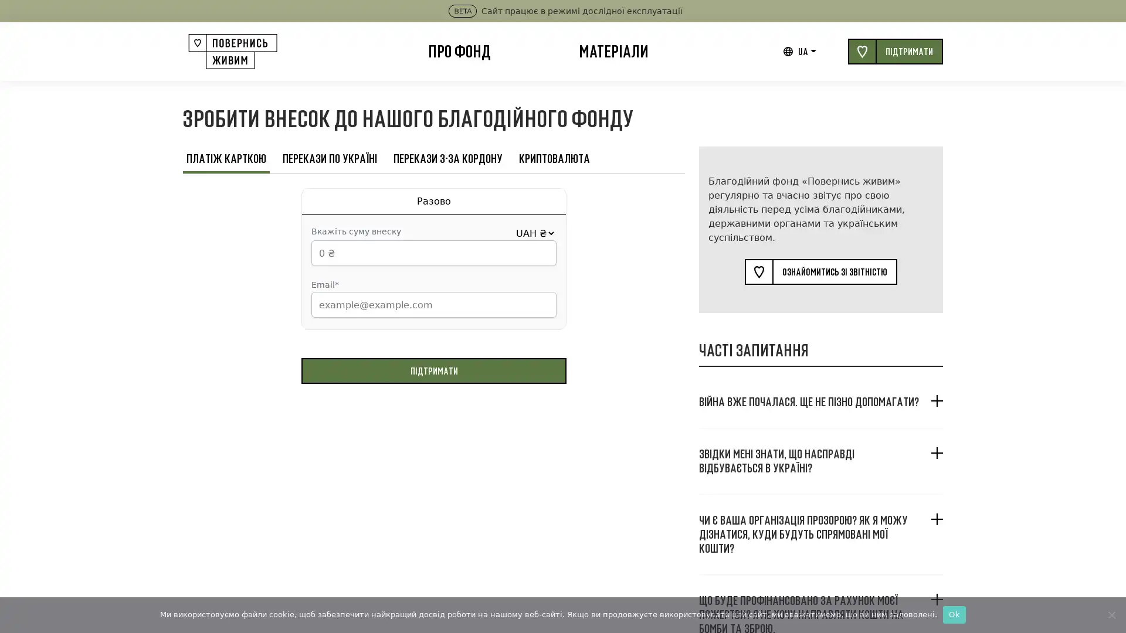 This screenshot has height=633, width=1126. What do you see at coordinates (820, 460) in the screenshot?
I see `,     ?` at bounding box center [820, 460].